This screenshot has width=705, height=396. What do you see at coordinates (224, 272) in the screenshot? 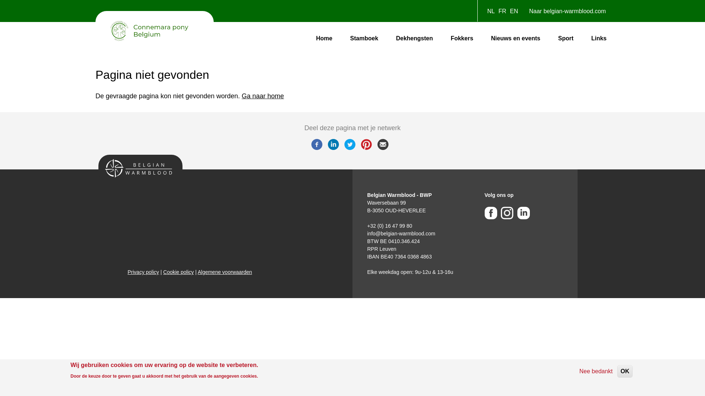
I see `'Algemene voorwaarden'` at bounding box center [224, 272].